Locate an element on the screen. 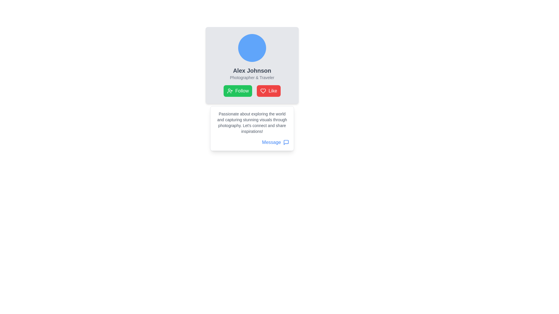  the follow icon located within the green button labeled 'Follow', positioned to the left of the red 'Like' button under the user profile section is located at coordinates (230, 91).